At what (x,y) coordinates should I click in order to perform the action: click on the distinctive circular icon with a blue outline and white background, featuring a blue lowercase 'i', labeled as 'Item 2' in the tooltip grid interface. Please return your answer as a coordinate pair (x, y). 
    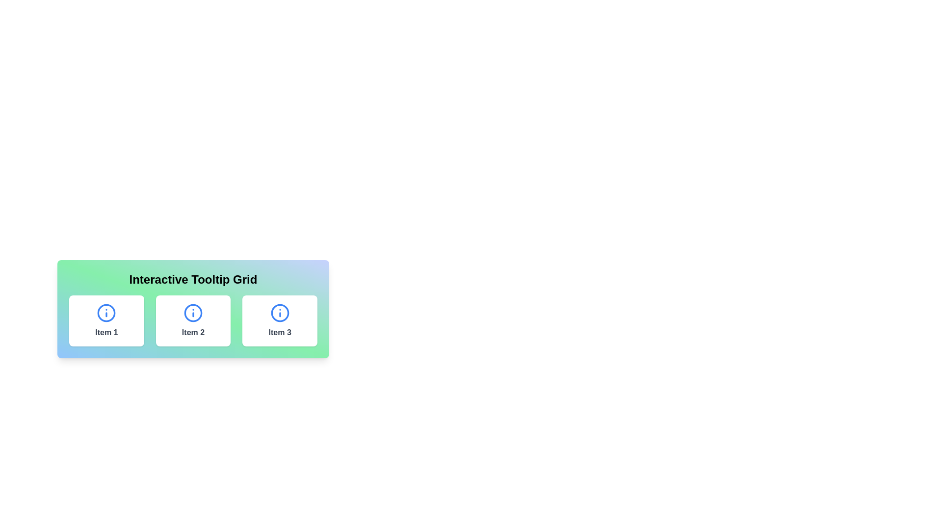
    Looking at the image, I should click on (193, 313).